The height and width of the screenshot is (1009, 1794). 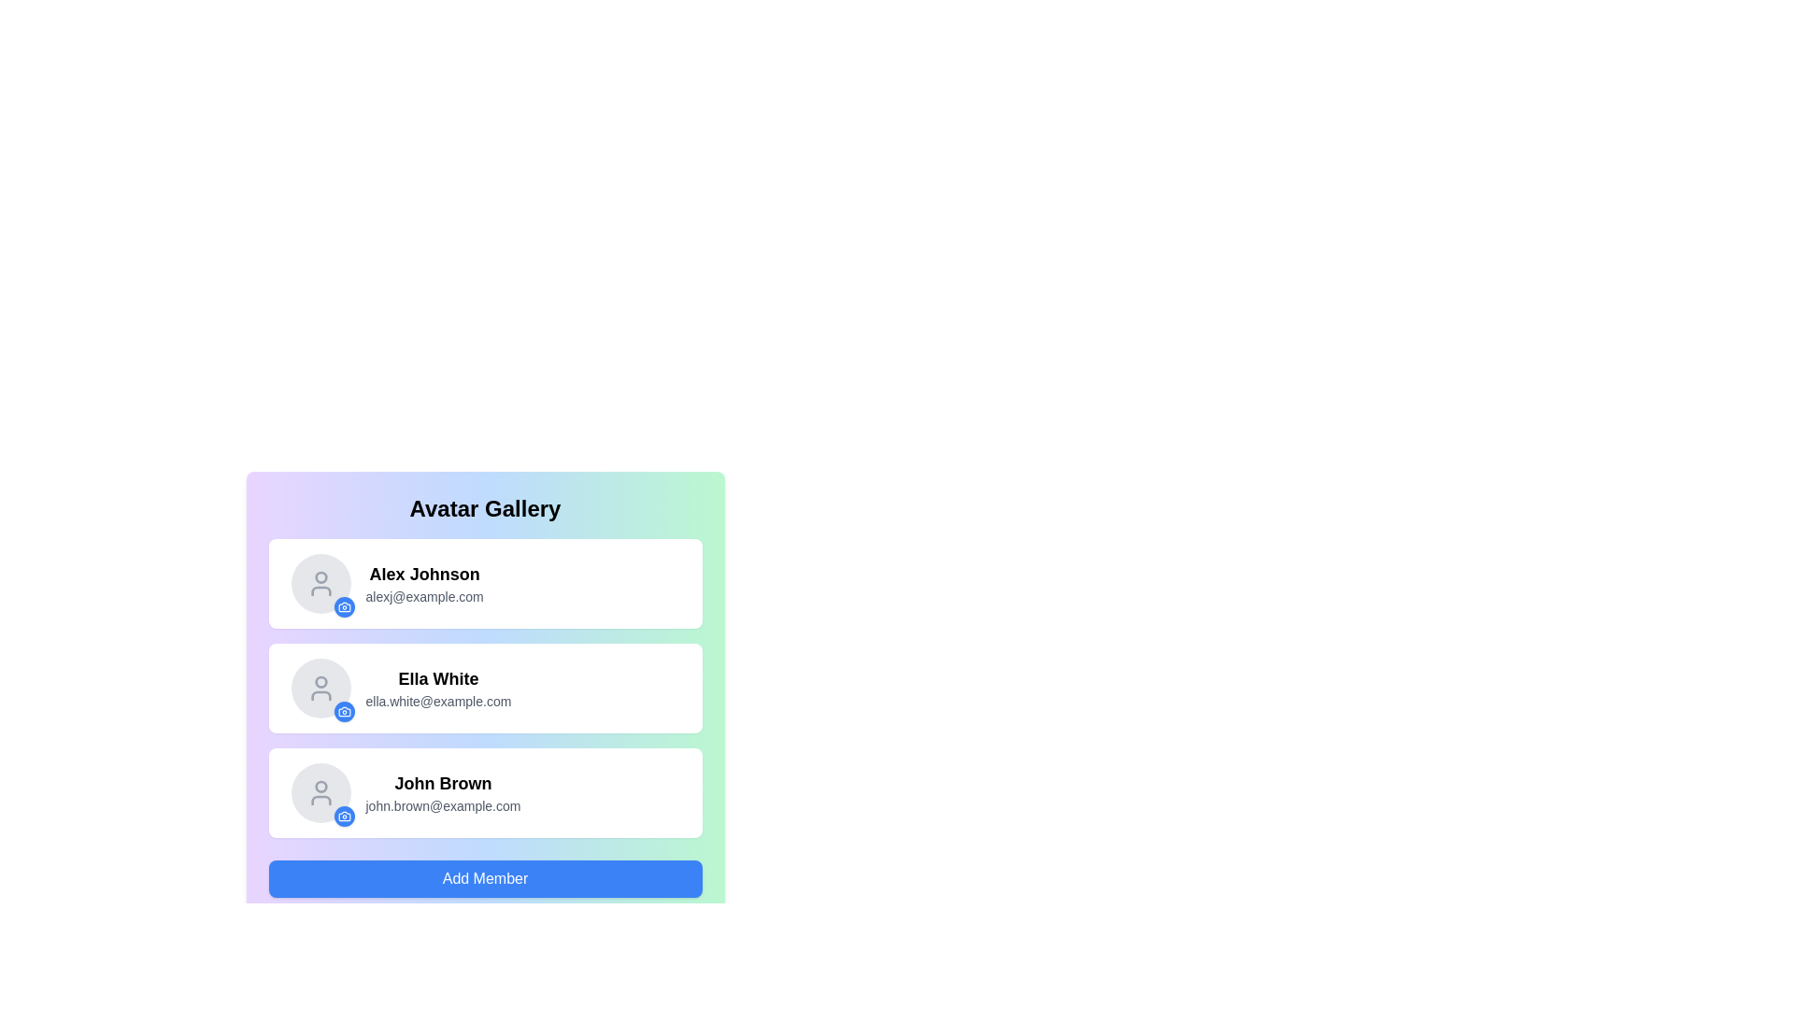 What do you see at coordinates (320, 792) in the screenshot?
I see `the user profile icon representing 'John Brown', which is a gray circular head and shoulders silhouette located in the third user section of the list` at bounding box center [320, 792].